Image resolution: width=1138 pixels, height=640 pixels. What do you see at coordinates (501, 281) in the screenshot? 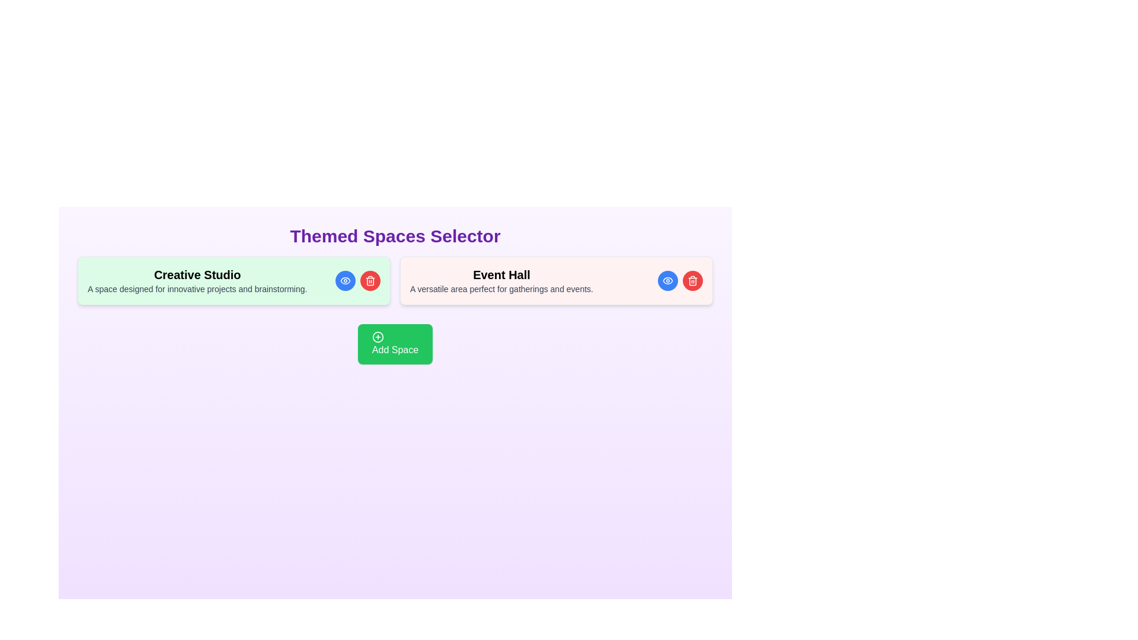
I see `information displayed in the textual display element titled 'Event Hall', which features a bold title and a smaller description within a light pink rectangle` at bounding box center [501, 281].